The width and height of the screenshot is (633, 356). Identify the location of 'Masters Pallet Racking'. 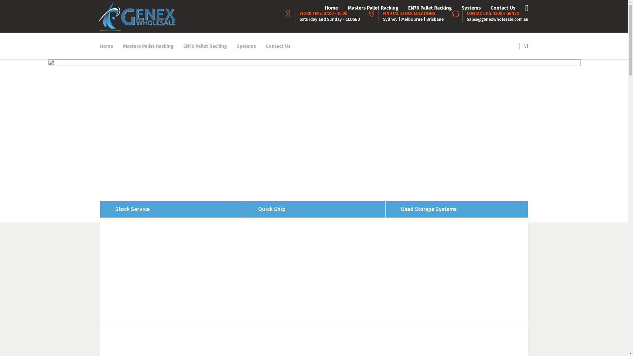
(148, 45).